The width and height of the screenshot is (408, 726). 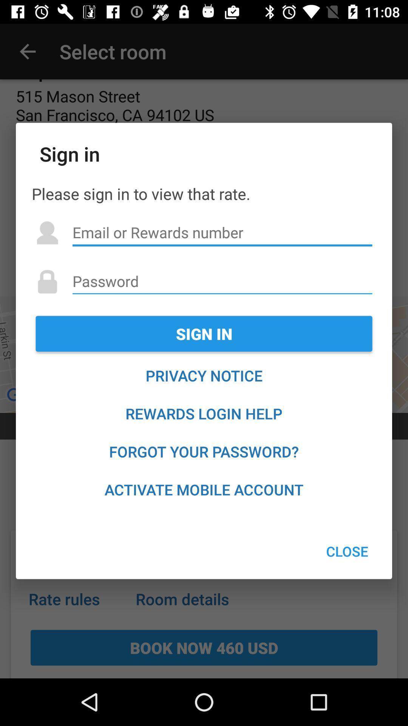 What do you see at coordinates (347, 551) in the screenshot?
I see `the icon at the bottom right corner` at bounding box center [347, 551].